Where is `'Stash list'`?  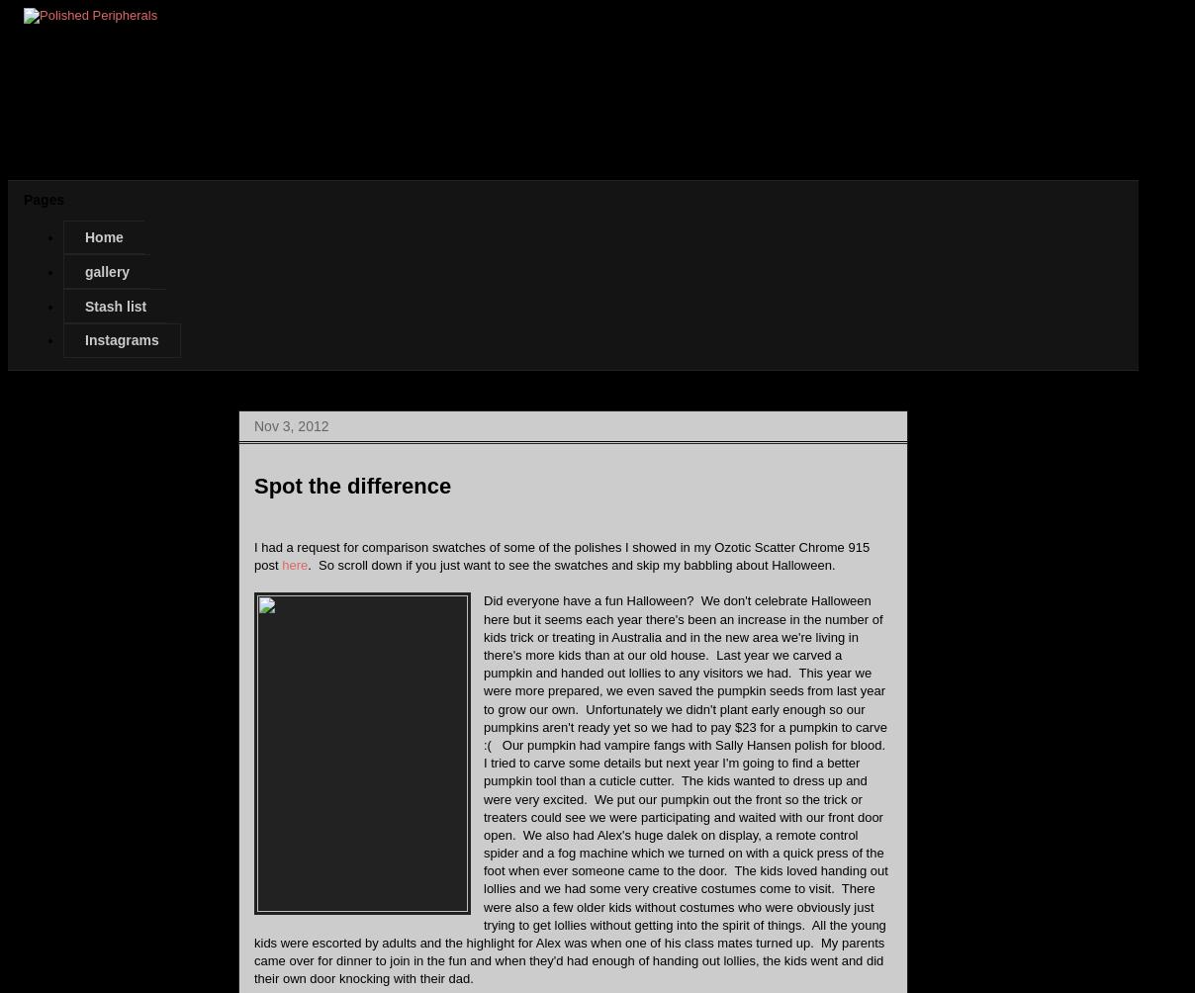 'Stash list' is located at coordinates (115, 306).